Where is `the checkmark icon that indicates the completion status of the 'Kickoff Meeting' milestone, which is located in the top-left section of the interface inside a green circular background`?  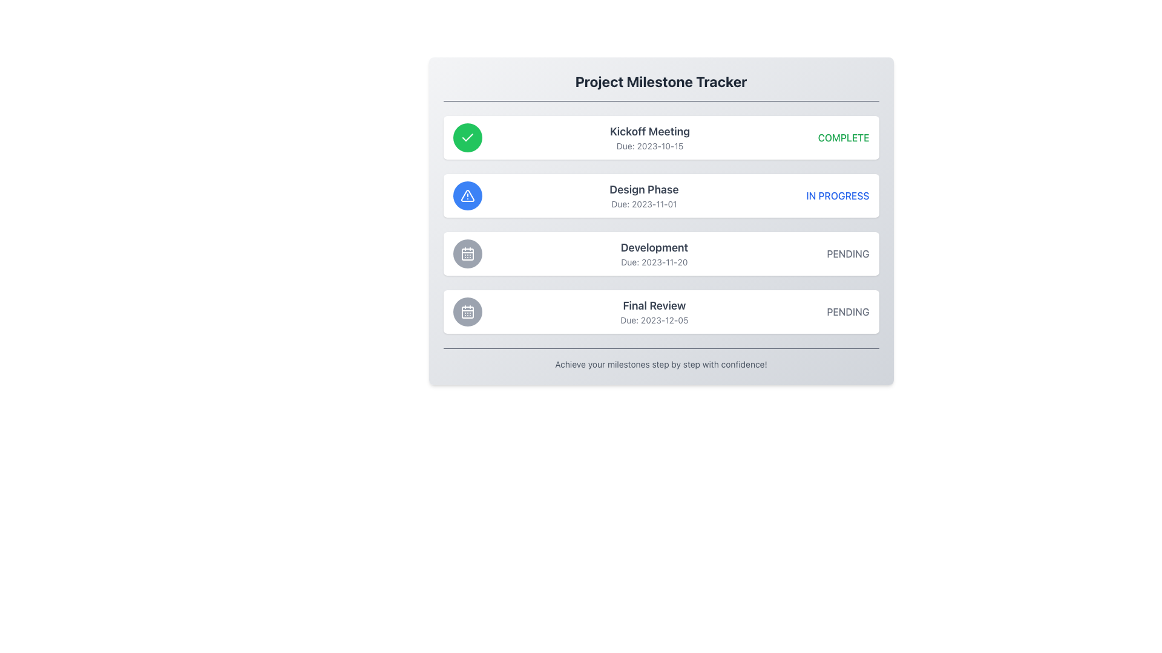
the checkmark icon that indicates the completion status of the 'Kickoff Meeting' milestone, which is located in the top-left section of the interface inside a green circular background is located at coordinates (467, 137).